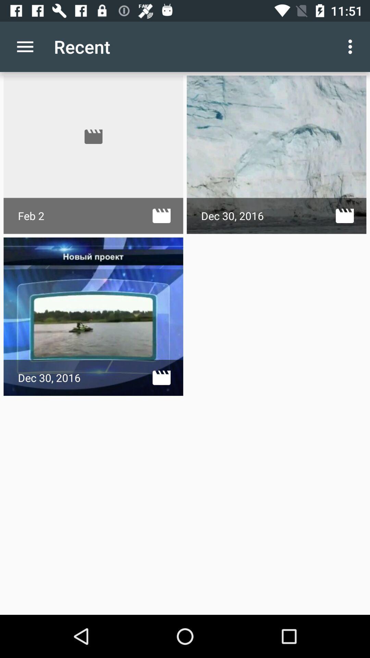  What do you see at coordinates (352, 46) in the screenshot?
I see `the icon to the right of recent icon` at bounding box center [352, 46].